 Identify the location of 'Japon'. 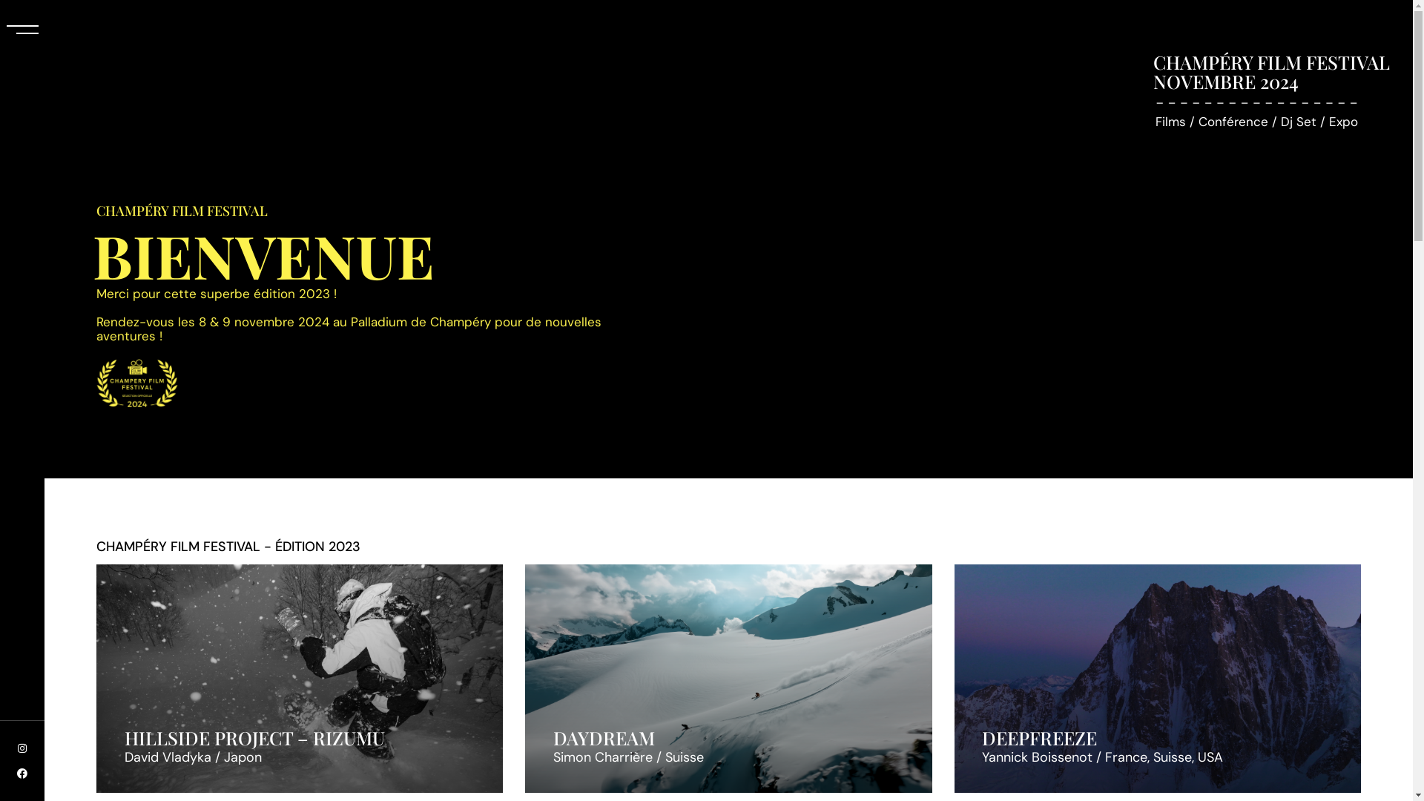
(243, 758).